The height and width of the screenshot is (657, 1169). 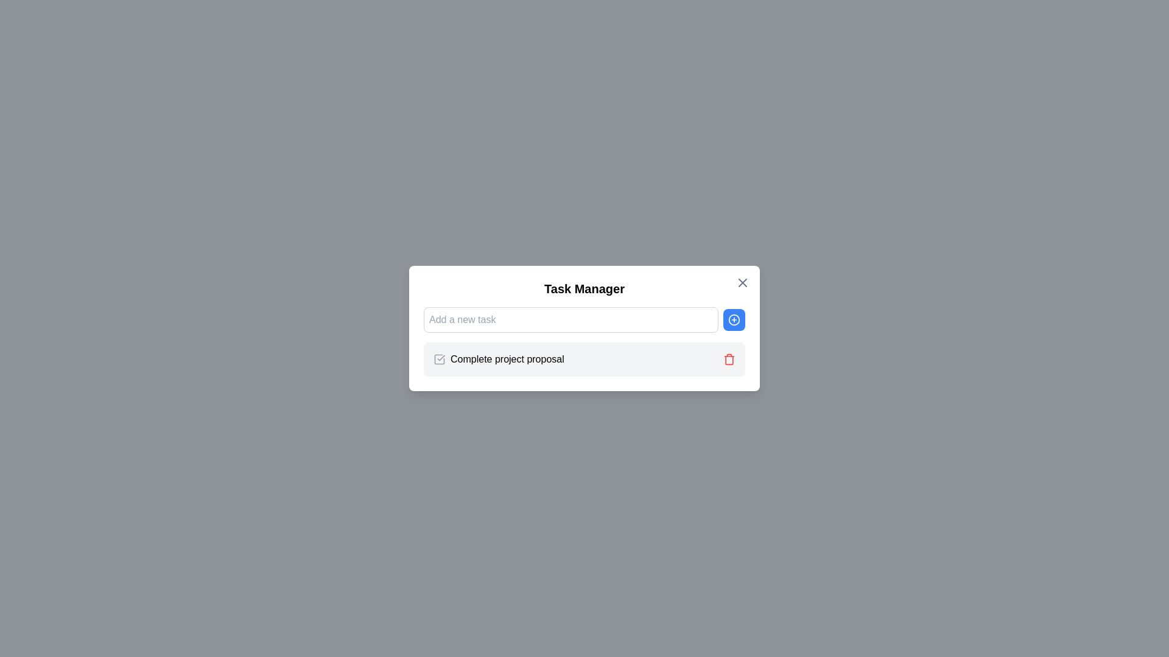 What do you see at coordinates (729, 358) in the screenshot?
I see `the delete icon button located at the far right of the 'Complete project proposal' task item to invoke the delete action` at bounding box center [729, 358].